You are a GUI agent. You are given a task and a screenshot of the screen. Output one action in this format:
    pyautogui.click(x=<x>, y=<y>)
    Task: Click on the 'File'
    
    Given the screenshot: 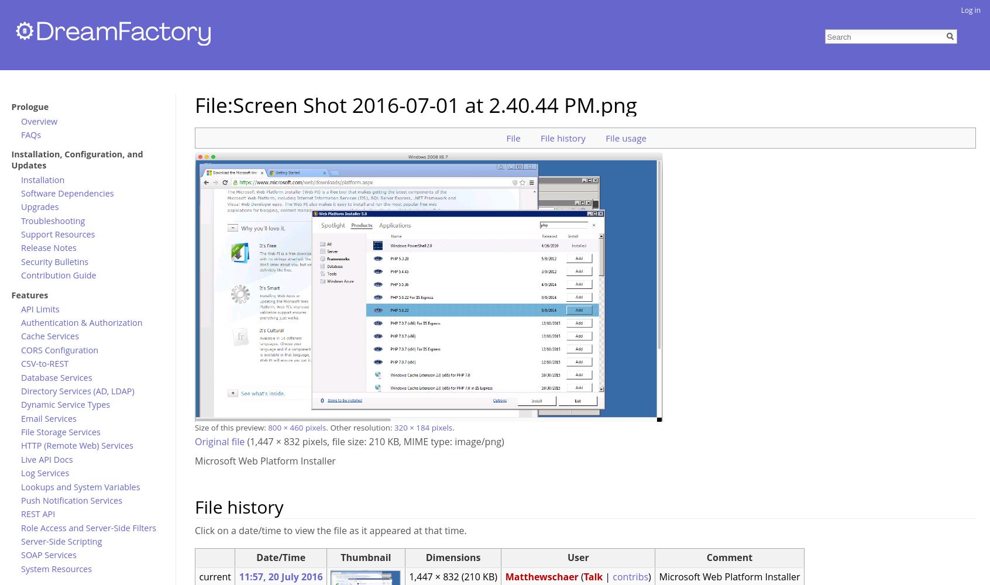 What is the action you would take?
    pyautogui.click(x=512, y=137)
    